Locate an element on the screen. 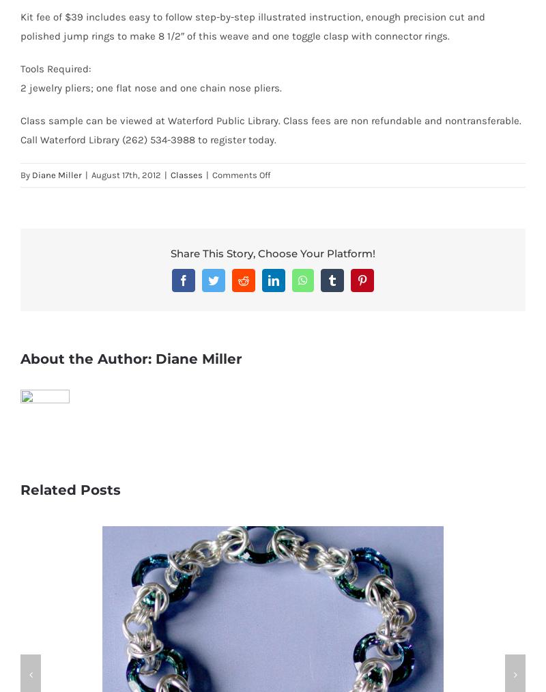 This screenshot has height=692, width=546. 'Class sample can be viewed at Waterford Public Library. Class fees are non refundable and nontransferable. Call Waterford Library (262) 534-3988 to register today.' is located at coordinates (270, 129).